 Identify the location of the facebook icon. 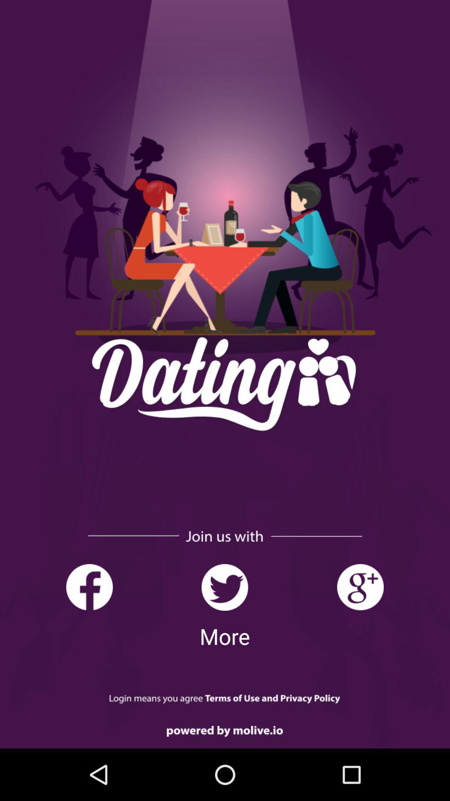
(89, 587).